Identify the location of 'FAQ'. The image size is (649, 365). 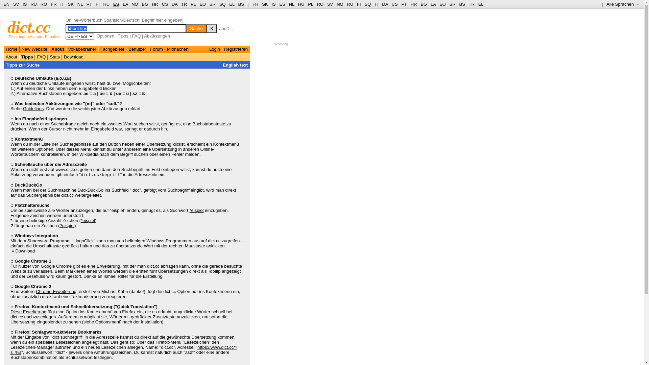
(41, 56).